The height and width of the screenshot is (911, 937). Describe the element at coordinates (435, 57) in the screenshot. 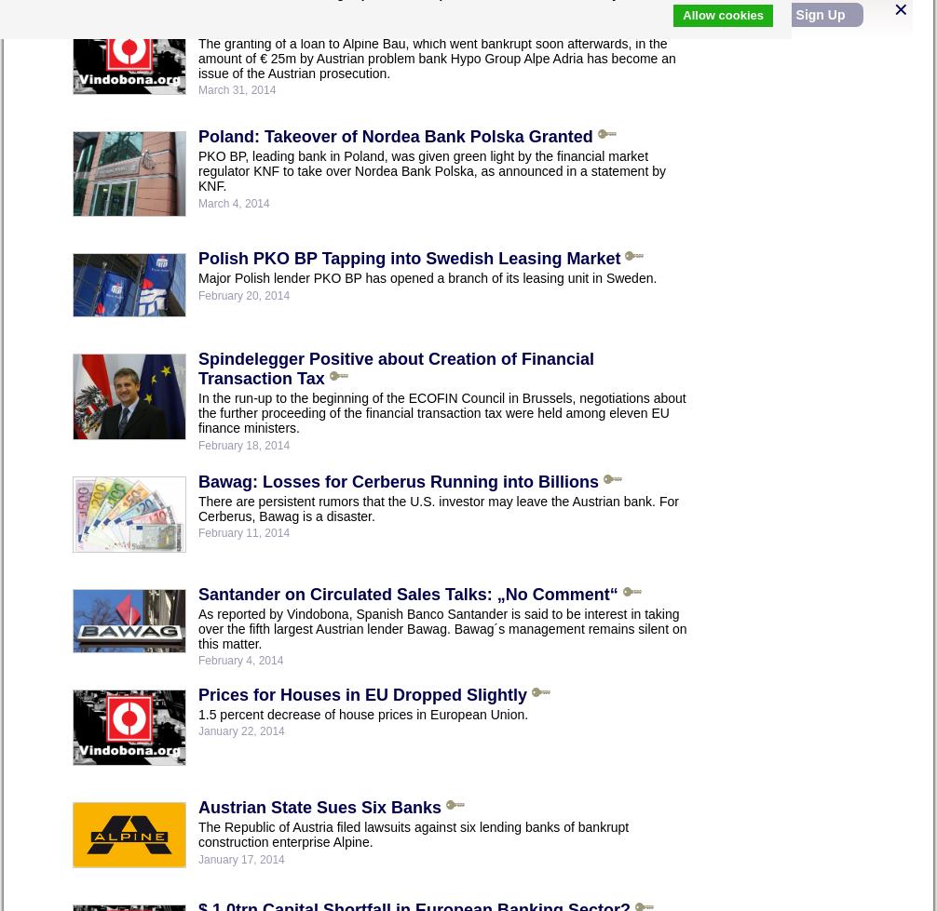

I see `'The granting of a loan to Alpine Bau, which went bankrupt soon afterwards, in the amount of € 25m by Austrian problem bank Hypo Group Alpe Adria has become an issue of the Austrian prosecution.'` at that location.